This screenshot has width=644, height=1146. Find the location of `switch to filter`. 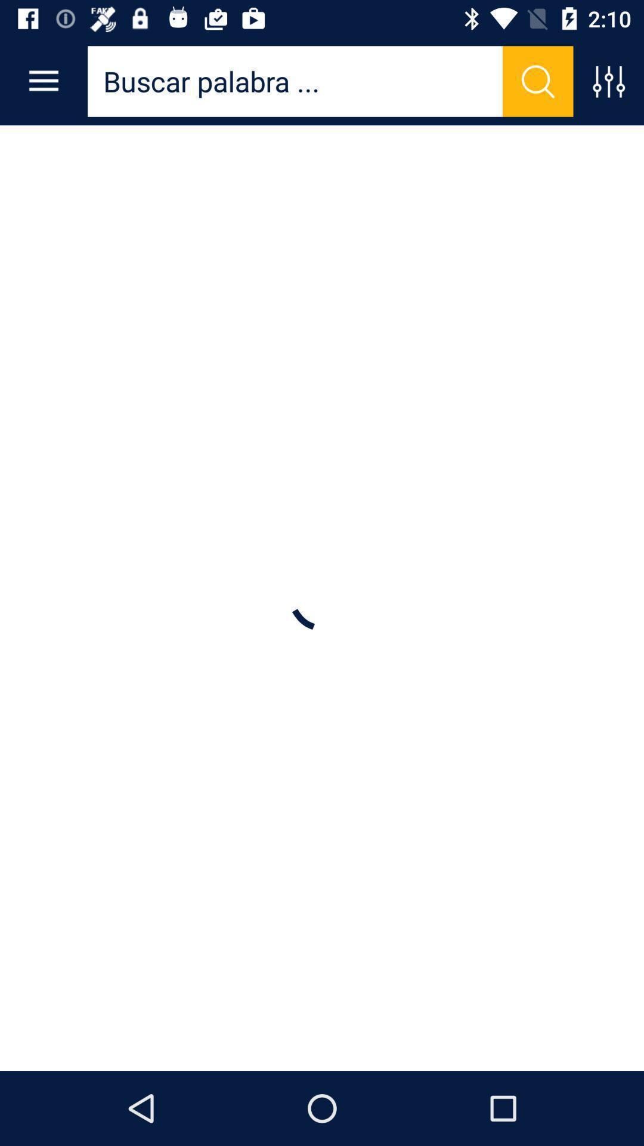

switch to filter is located at coordinates (608, 81).